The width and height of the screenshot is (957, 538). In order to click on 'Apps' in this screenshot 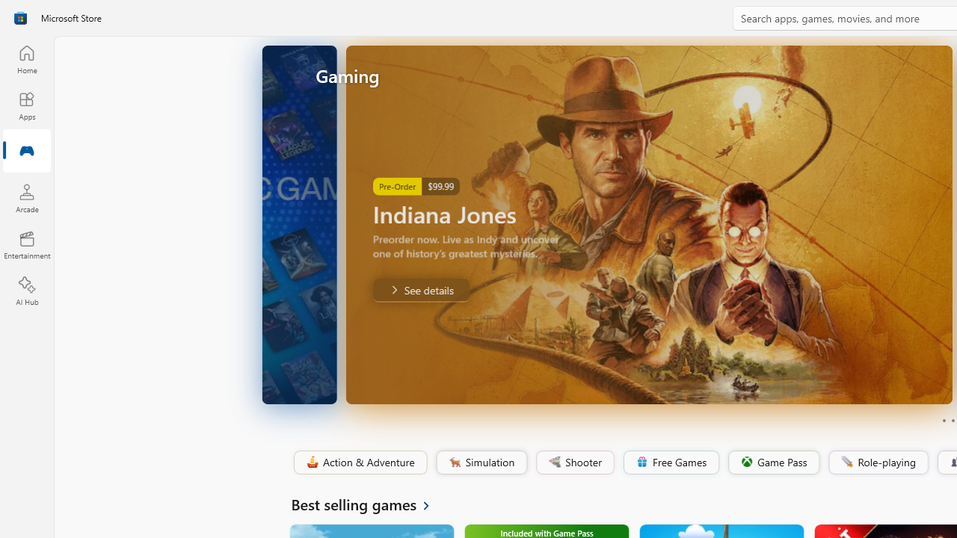, I will do `click(26, 105)`.